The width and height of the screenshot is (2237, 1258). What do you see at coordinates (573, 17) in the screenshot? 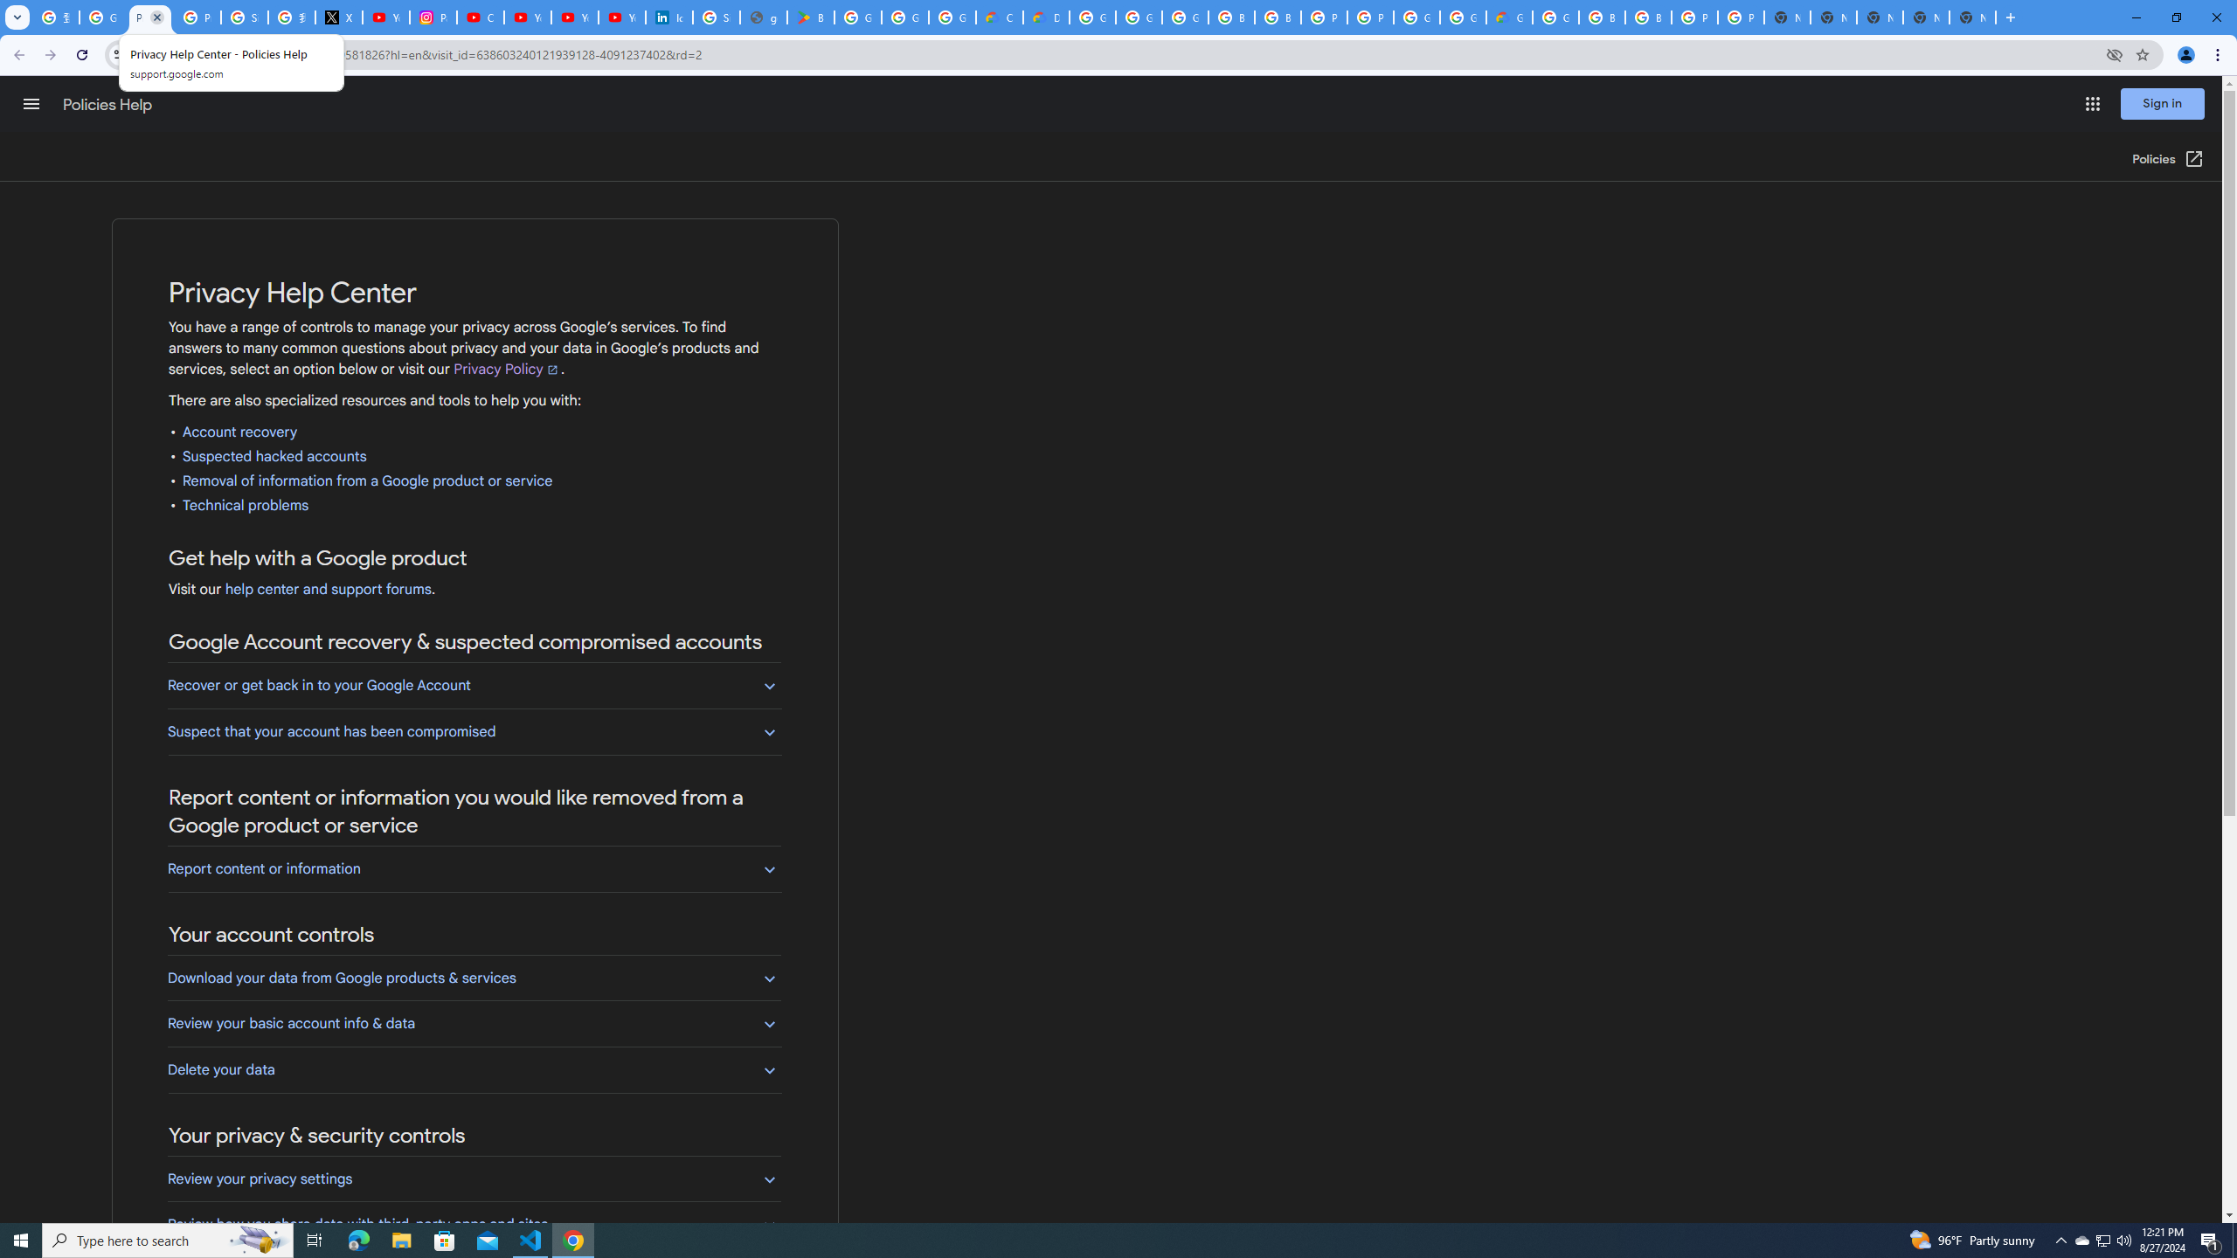
I see `'YouTube Culture & Trends - YouTube Top 10, 2021'` at bounding box center [573, 17].